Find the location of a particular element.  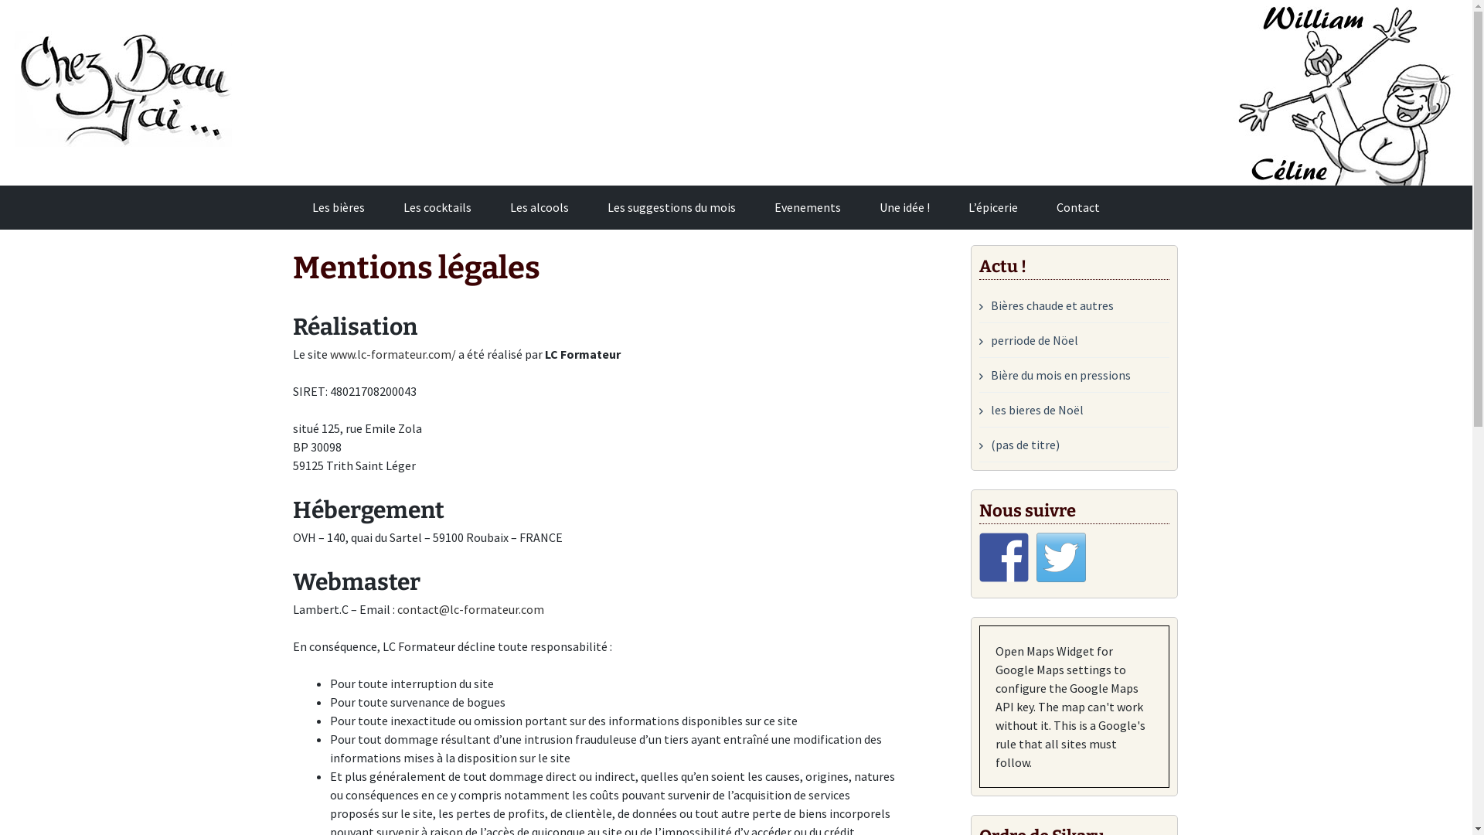

'Les alcools' is located at coordinates (539, 206).